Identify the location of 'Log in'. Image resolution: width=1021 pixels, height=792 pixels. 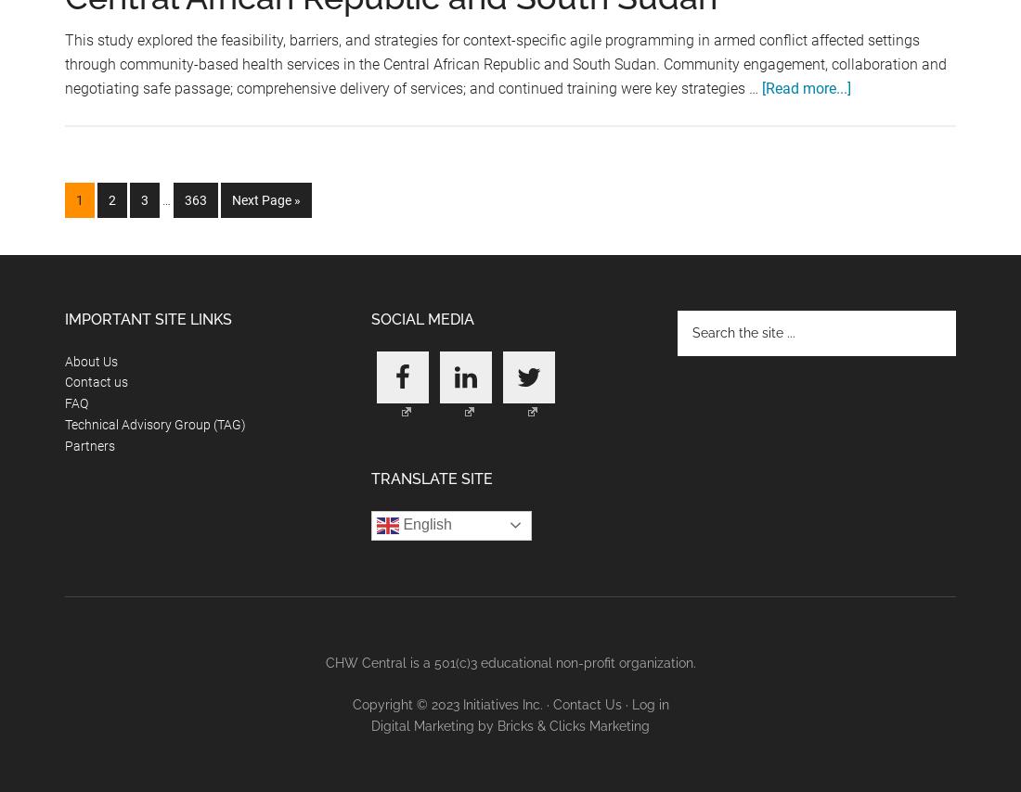
(649, 703).